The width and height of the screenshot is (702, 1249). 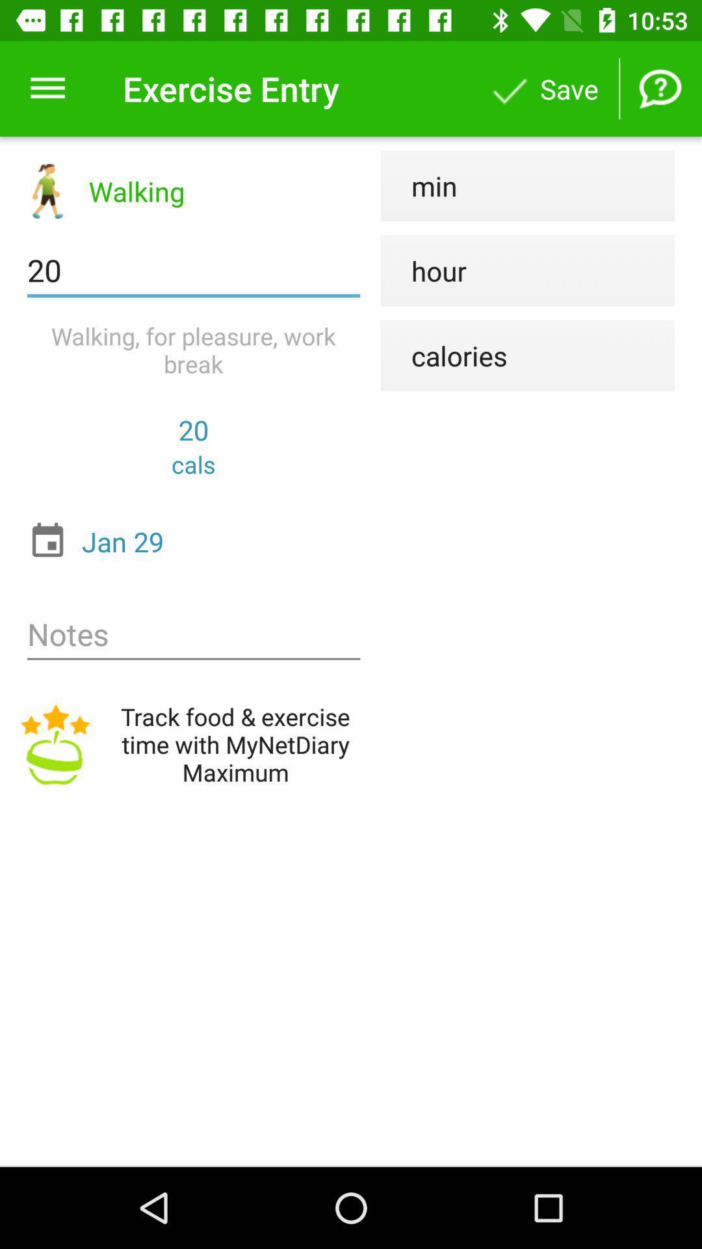 I want to click on icon to the right of the 20, so click(x=423, y=270).